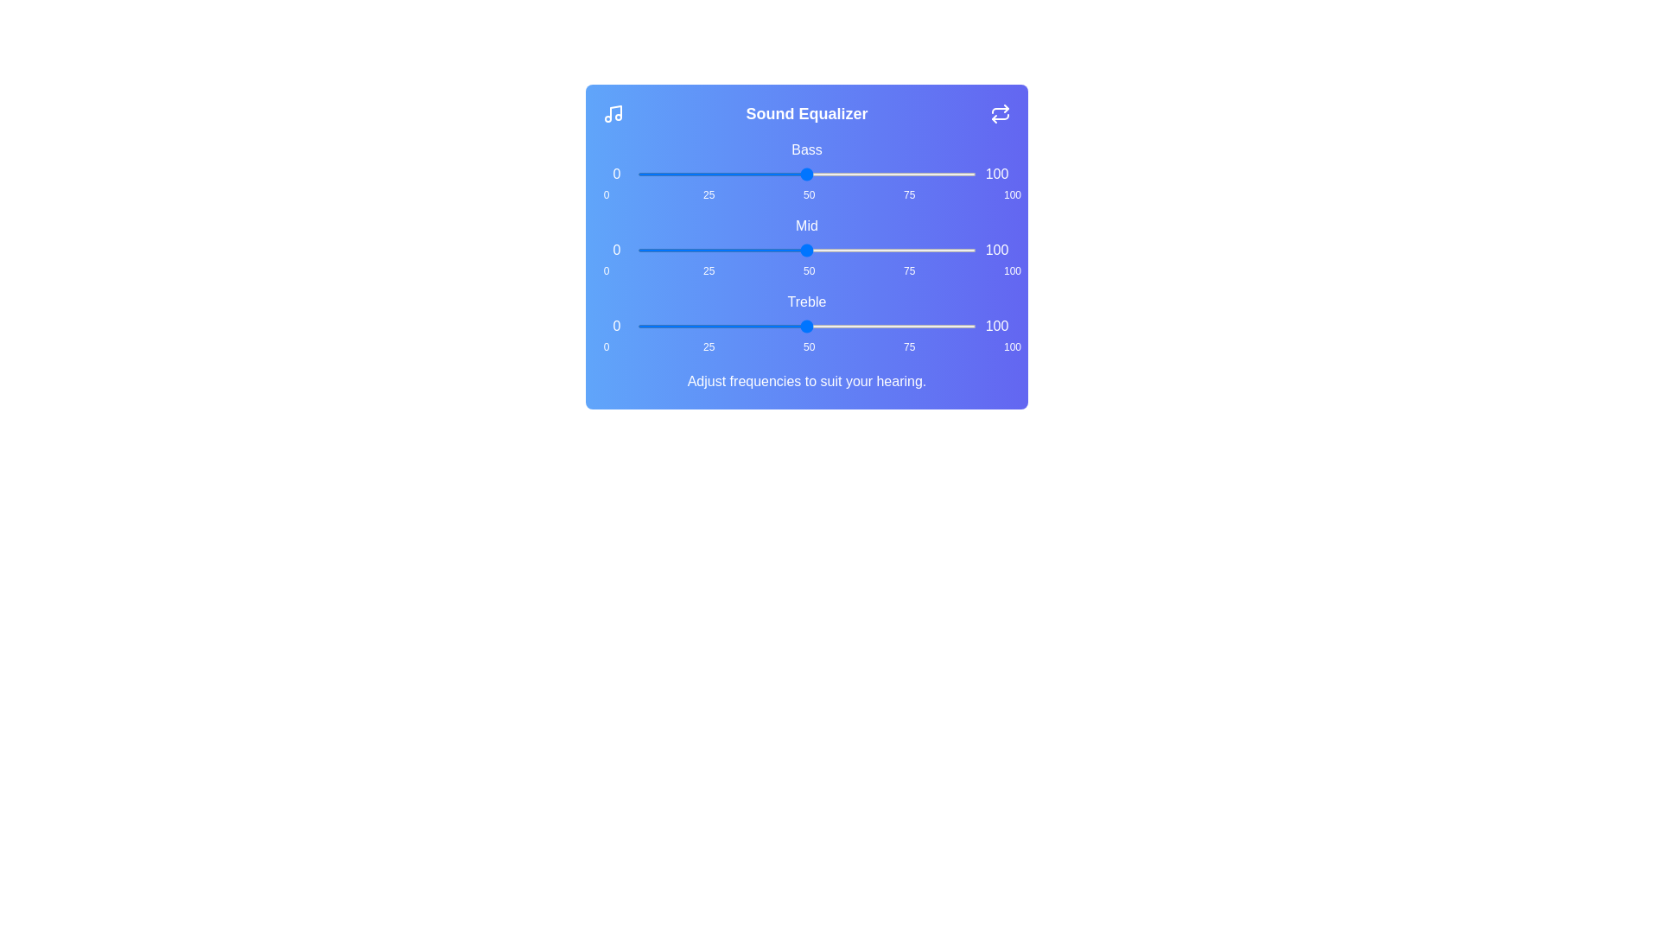 This screenshot has width=1659, height=933. Describe the element at coordinates (841, 250) in the screenshot. I see `the 'mid' slider to 60` at that location.